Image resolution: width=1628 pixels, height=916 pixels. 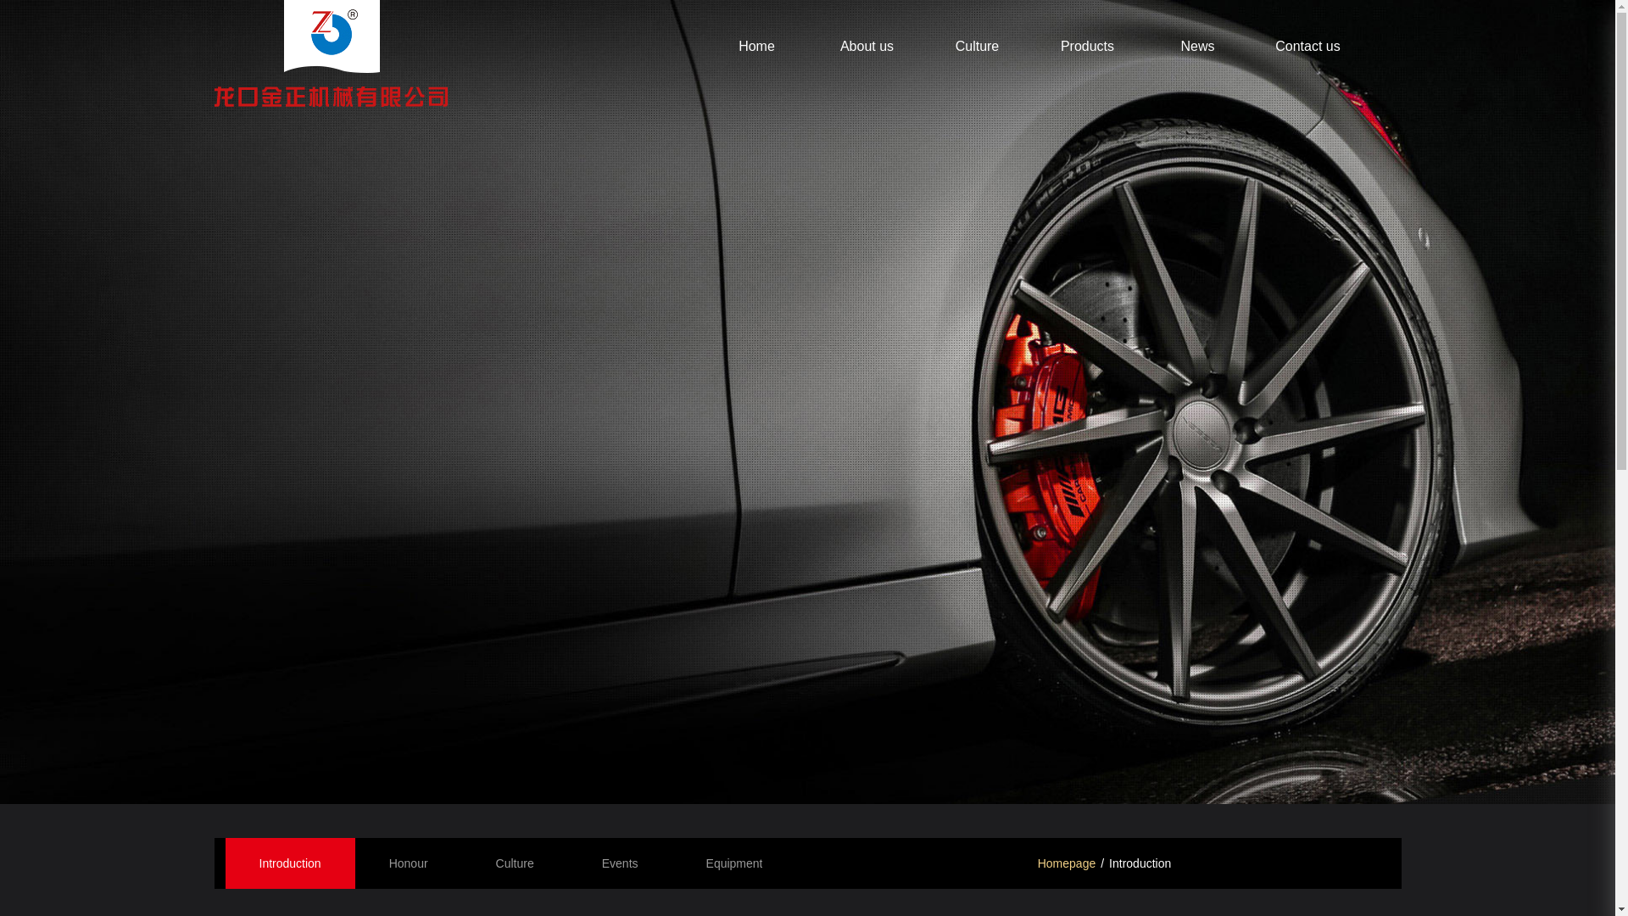 I want to click on 'About us', so click(x=867, y=45).